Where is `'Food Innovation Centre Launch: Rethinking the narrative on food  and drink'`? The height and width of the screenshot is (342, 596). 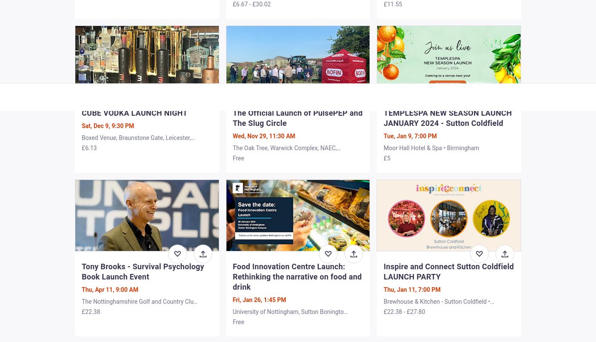
'Food Innovation Centre Launch: Rethinking the narrative on food  and drink' is located at coordinates (297, 276).